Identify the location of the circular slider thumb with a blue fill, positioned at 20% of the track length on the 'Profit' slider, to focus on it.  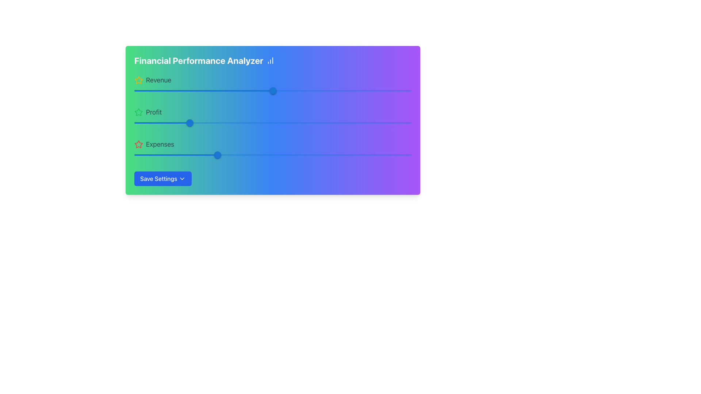
(189, 122).